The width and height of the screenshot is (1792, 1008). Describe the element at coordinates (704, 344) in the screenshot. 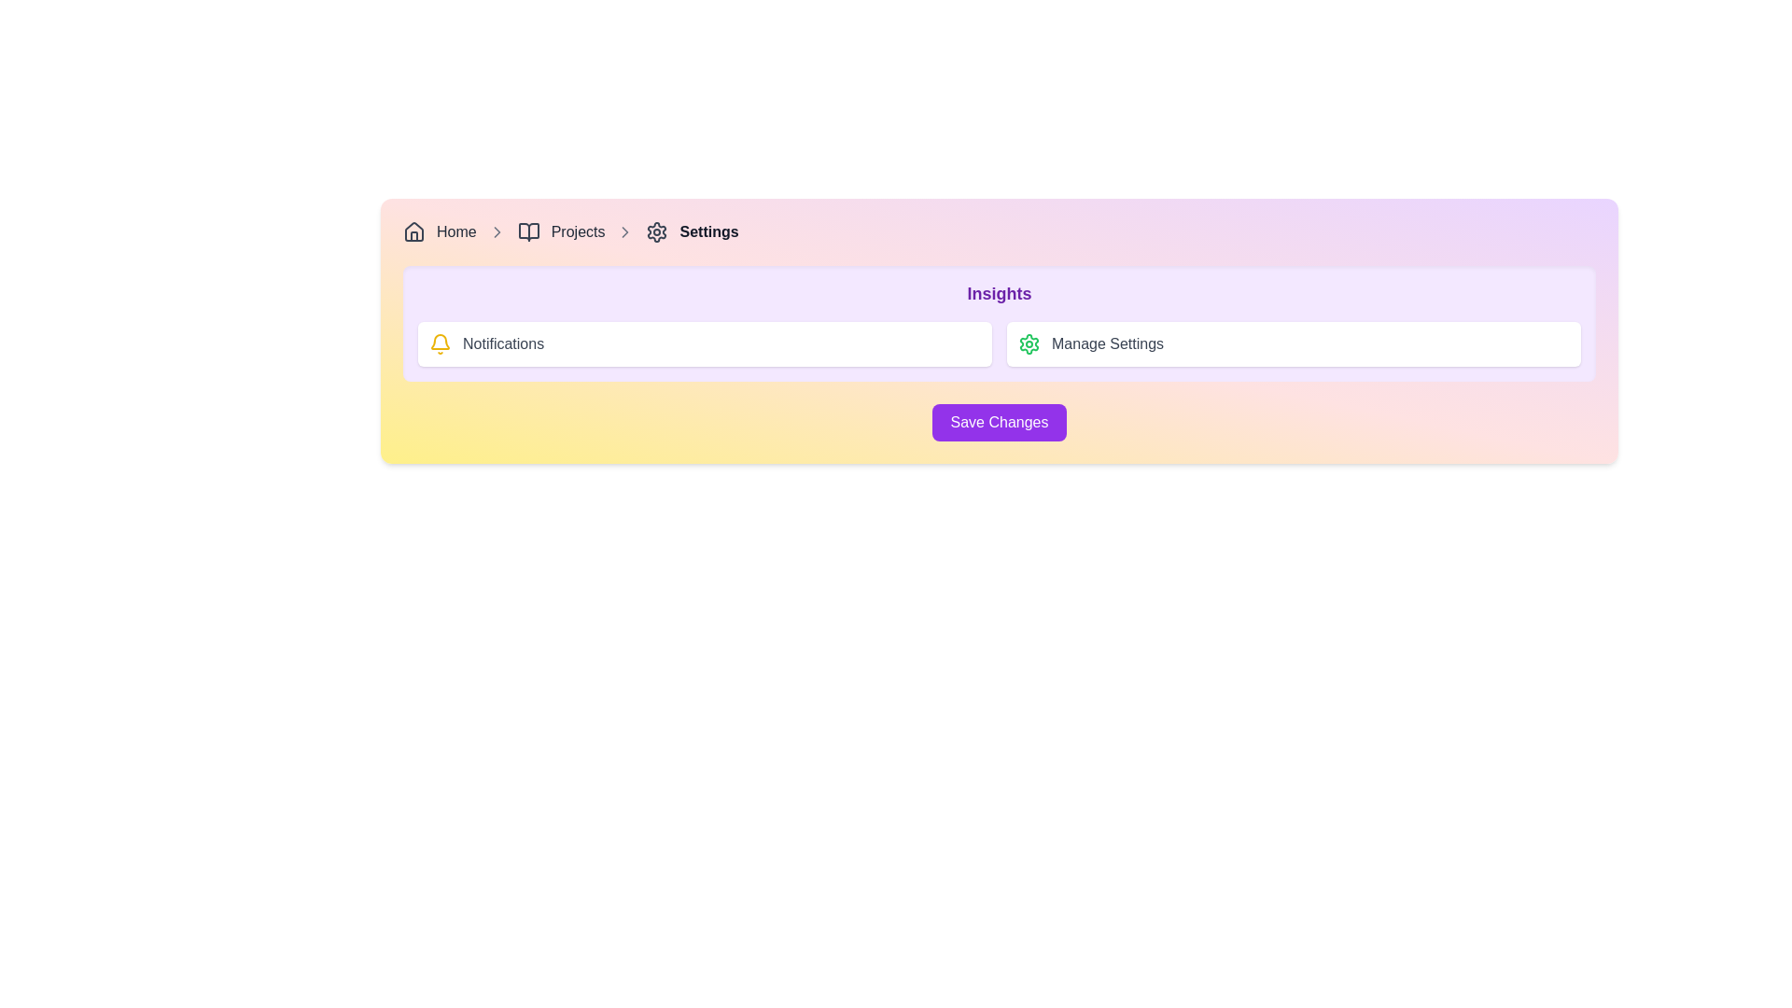

I see `the leftmost informational card in the 'Insights' panel that denotes the 'Notifications' section` at that location.